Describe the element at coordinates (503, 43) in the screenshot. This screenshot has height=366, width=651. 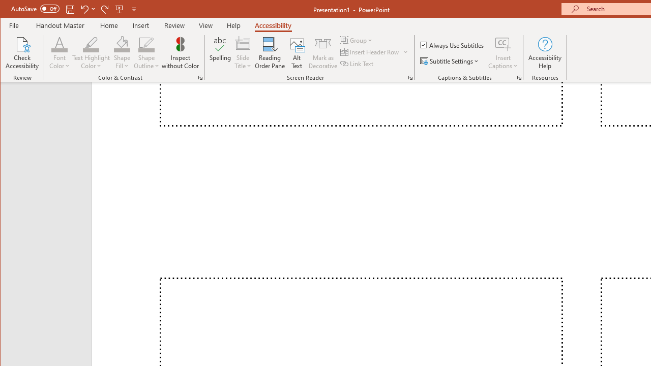
I see `'Insert Captions'` at that location.